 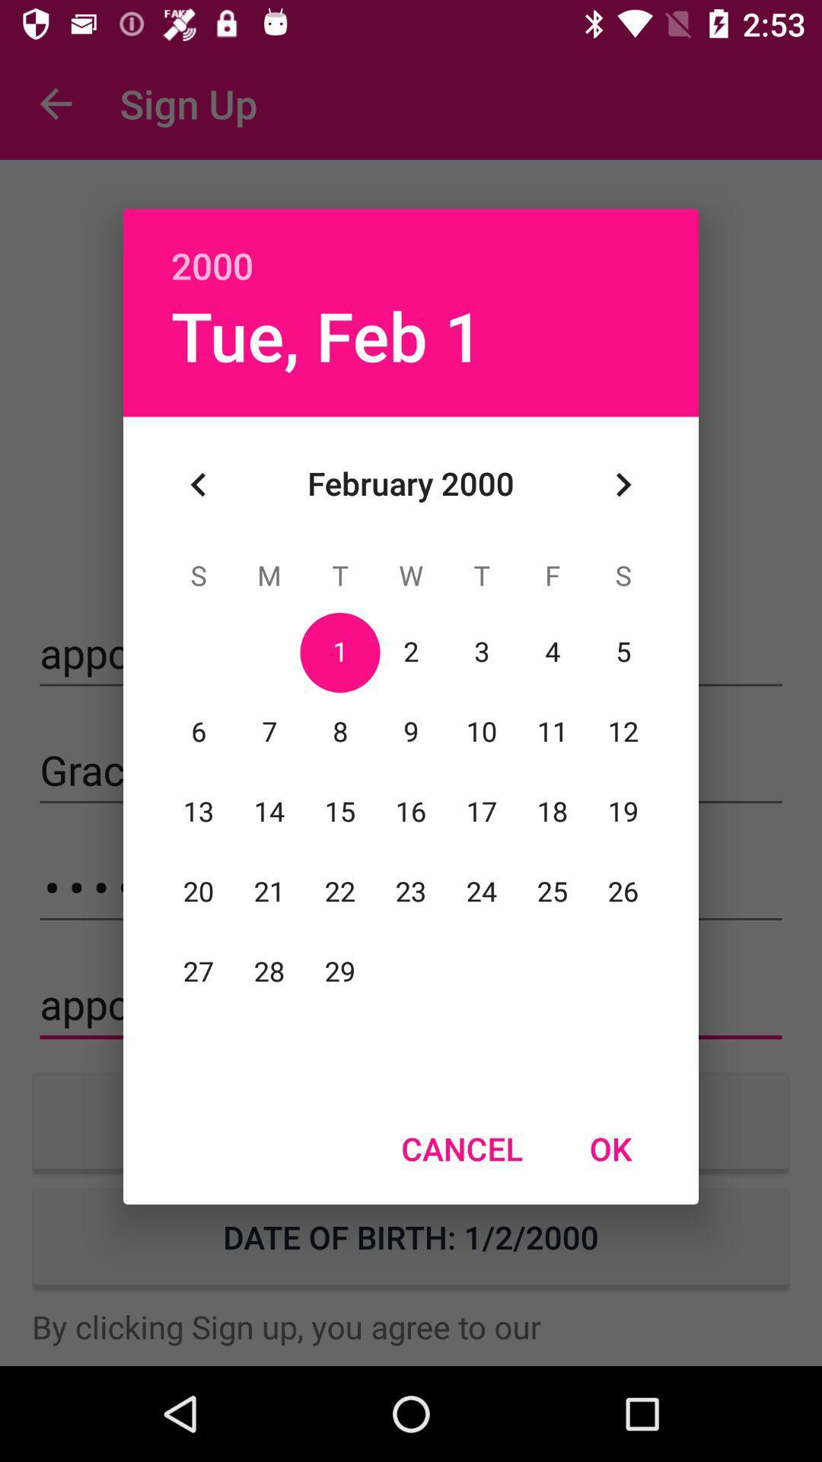 What do you see at coordinates (327, 334) in the screenshot?
I see `the icon below 2000 icon` at bounding box center [327, 334].